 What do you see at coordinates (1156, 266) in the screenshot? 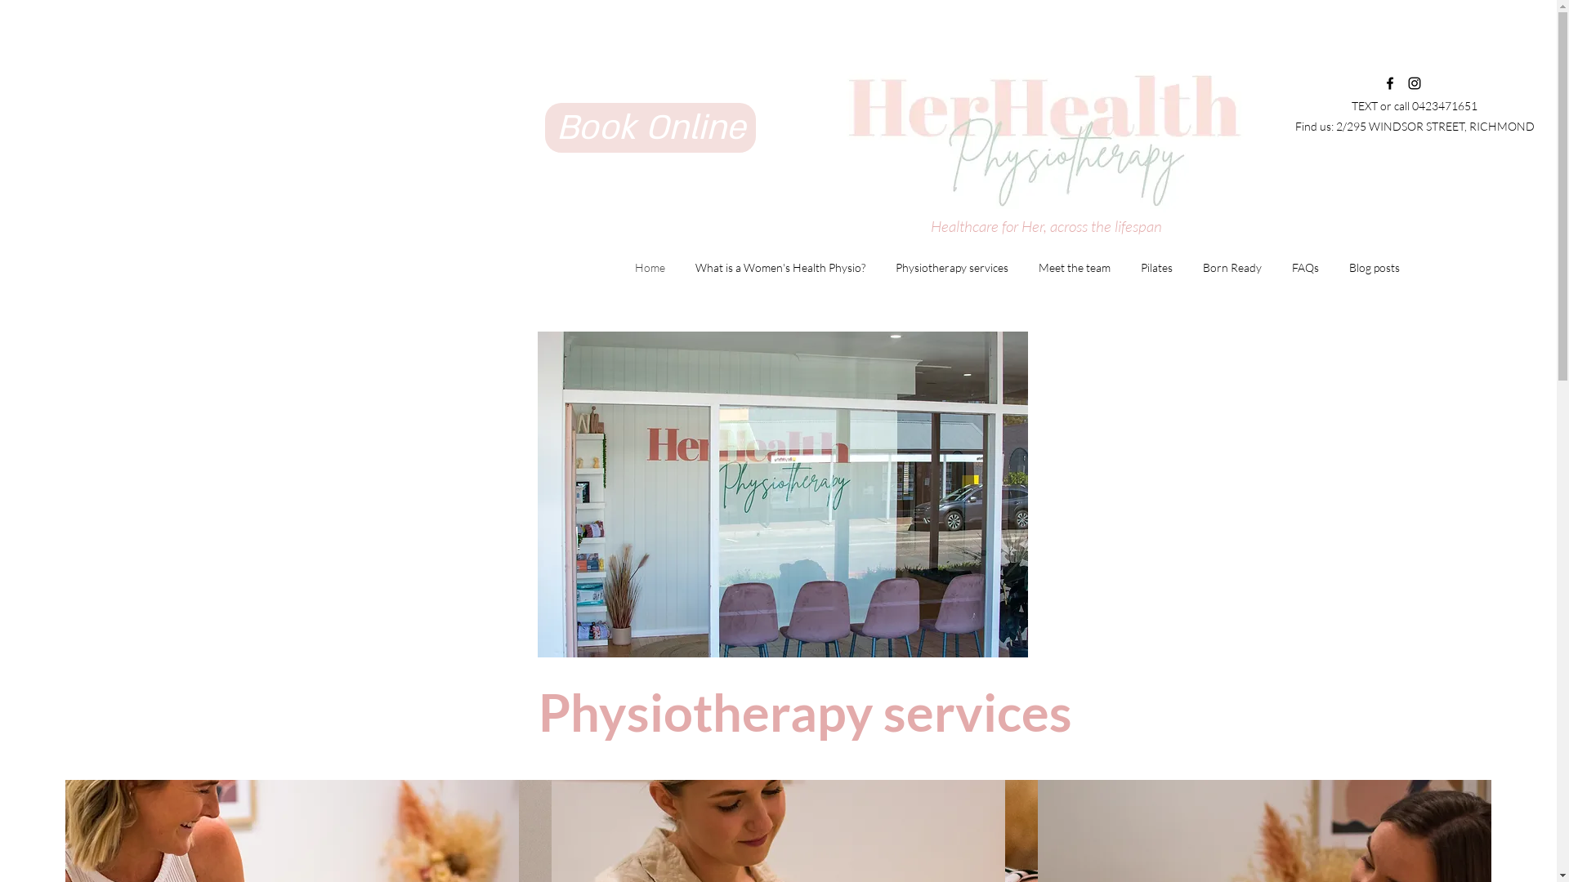
I see `'Pilates'` at bounding box center [1156, 266].